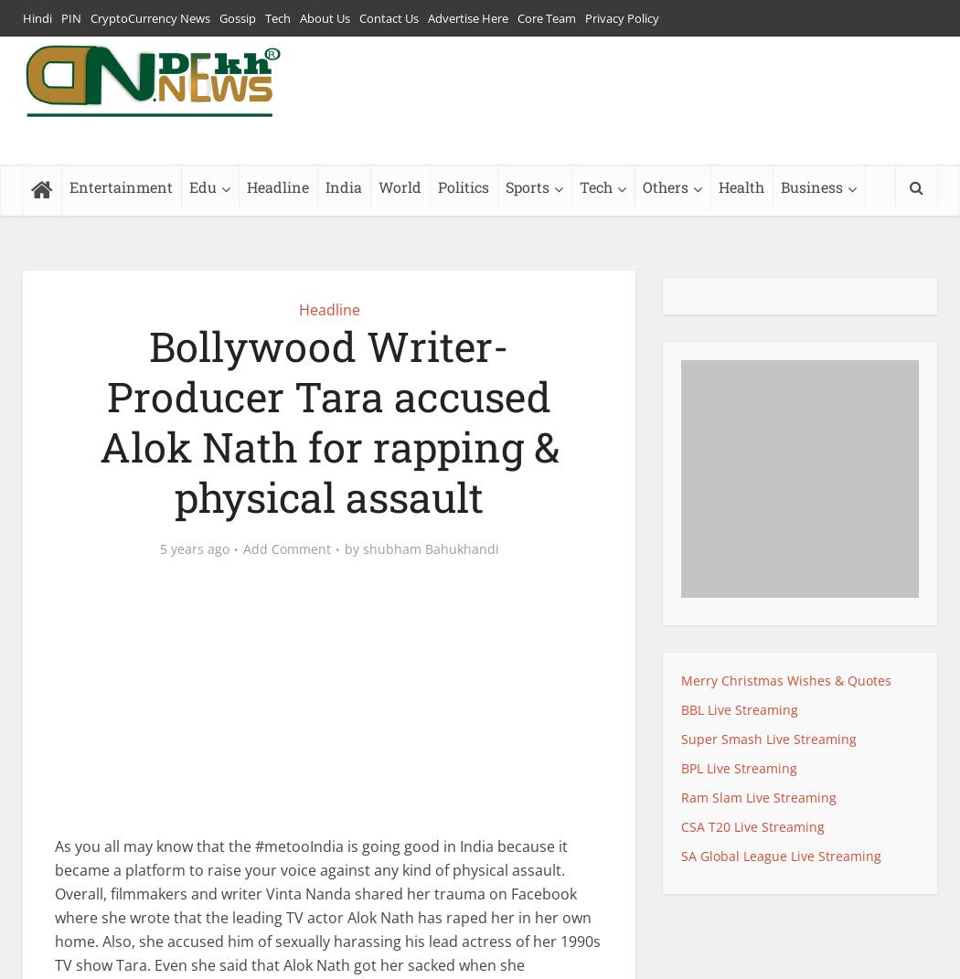 The width and height of the screenshot is (960, 979). What do you see at coordinates (237, 17) in the screenshot?
I see `'Gossip'` at bounding box center [237, 17].